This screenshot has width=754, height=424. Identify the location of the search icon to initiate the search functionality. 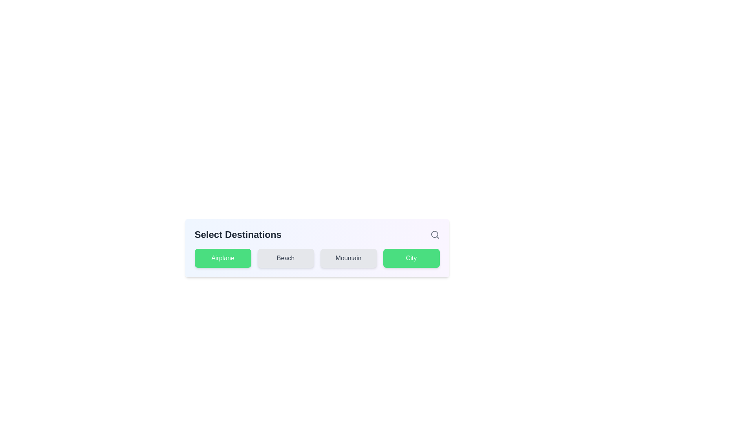
(434, 234).